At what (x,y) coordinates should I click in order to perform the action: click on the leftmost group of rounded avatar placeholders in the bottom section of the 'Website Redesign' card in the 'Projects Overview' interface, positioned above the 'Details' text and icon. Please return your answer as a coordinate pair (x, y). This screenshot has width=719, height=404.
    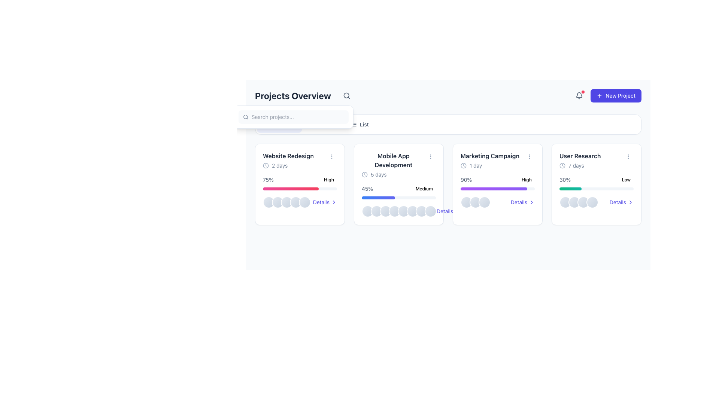
    Looking at the image, I should click on (286, 202).